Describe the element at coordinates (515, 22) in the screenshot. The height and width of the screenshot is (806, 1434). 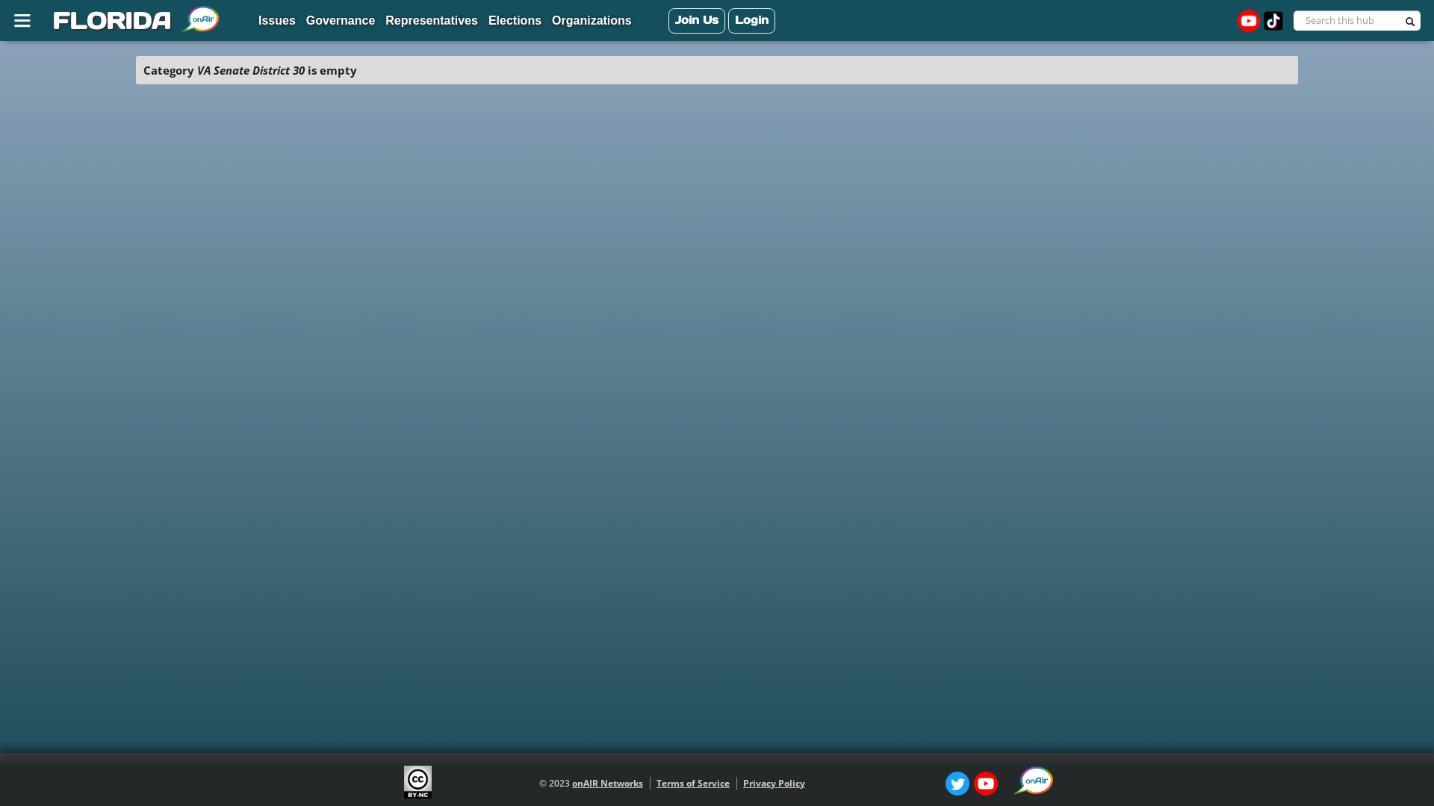
I see `'Elections'` at that location.